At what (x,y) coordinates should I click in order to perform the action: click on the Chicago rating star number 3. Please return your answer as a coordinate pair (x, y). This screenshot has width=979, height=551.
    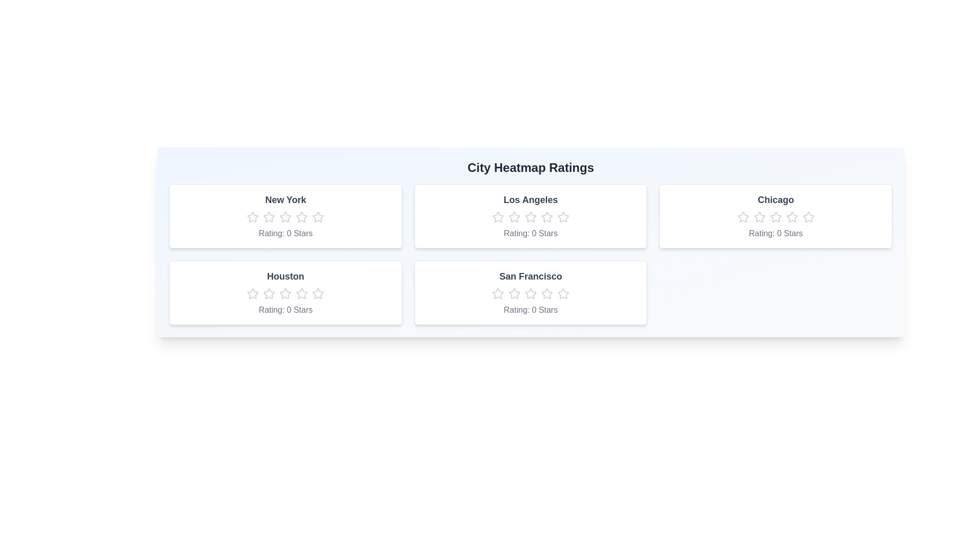
    Looking at the image, I should click on (775, 216).